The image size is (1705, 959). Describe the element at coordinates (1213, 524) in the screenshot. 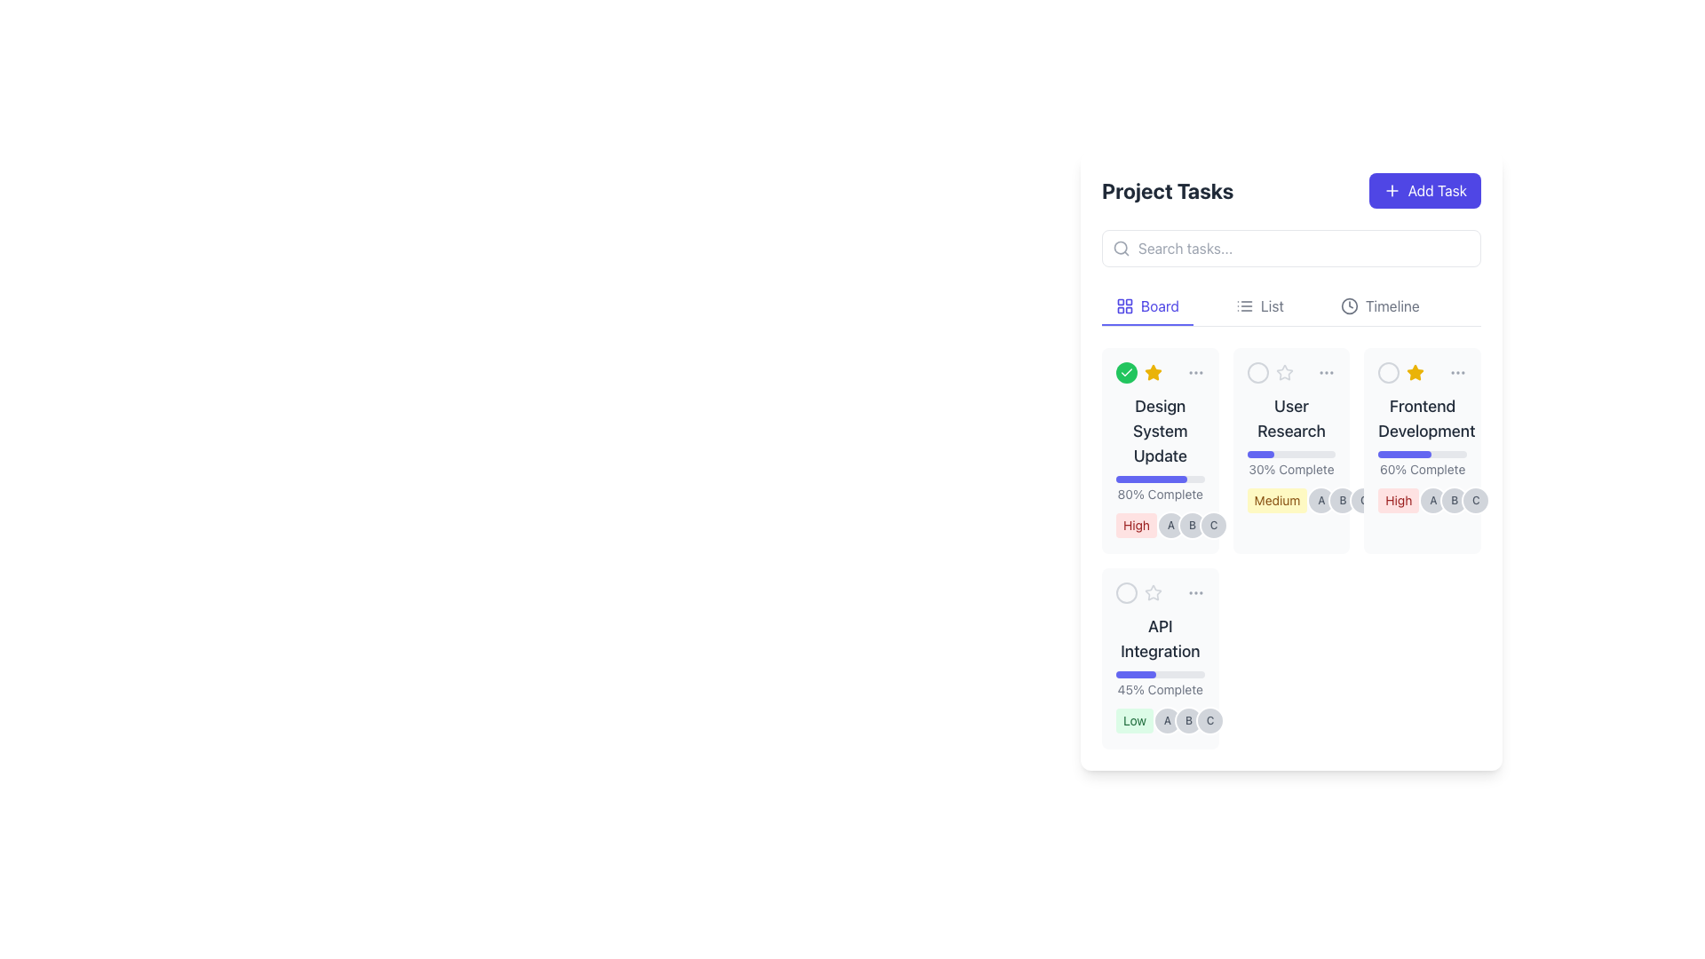

I see `the circular label or badge representing the letter 'C', which is the third item in a horizontal sequence of badges labeled 'A', 'B', and 'C', positioned below the 'User Research' task card` at that location.